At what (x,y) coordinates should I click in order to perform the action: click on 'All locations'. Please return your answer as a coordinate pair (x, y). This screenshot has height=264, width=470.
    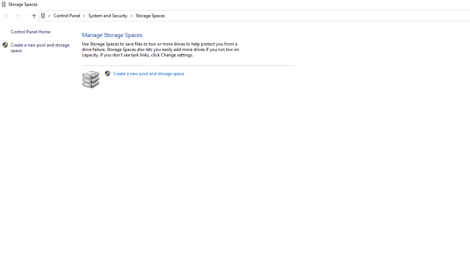
    Looking at the image, I should click on (45, 15).